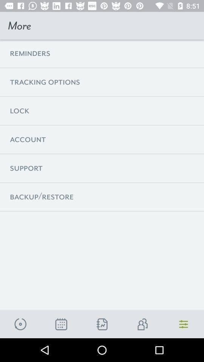 The width and height of the screenshot is (204, 362). I want to click on open calander, so click(61, 324).